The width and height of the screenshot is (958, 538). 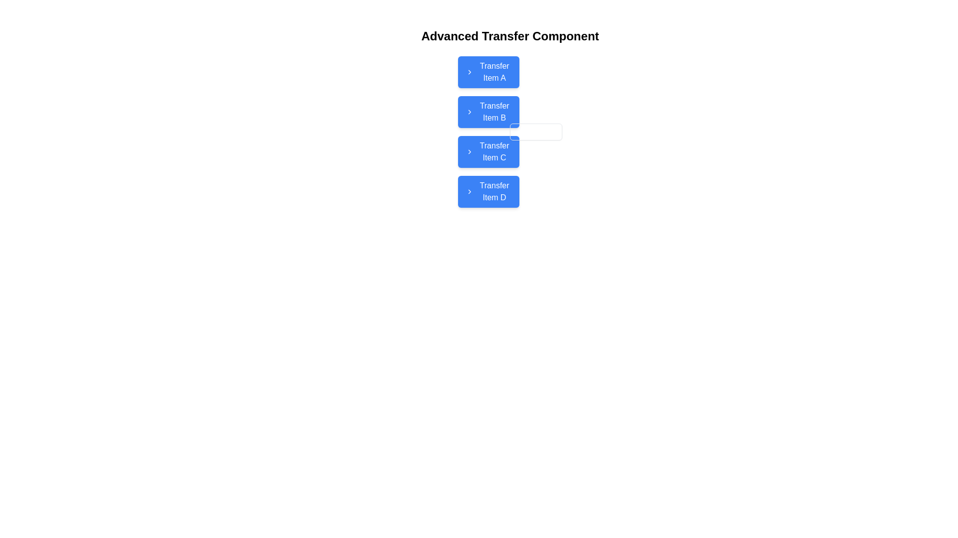 I want to click on the blue button labeled 'Transfer Item C' that has rounded corners and a right-pointing chevron icon, so click(x=488, y=151).